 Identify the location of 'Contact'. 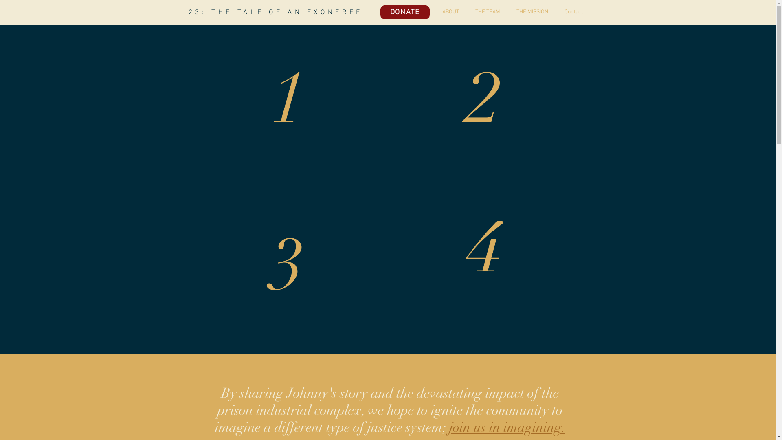
(569, 12).